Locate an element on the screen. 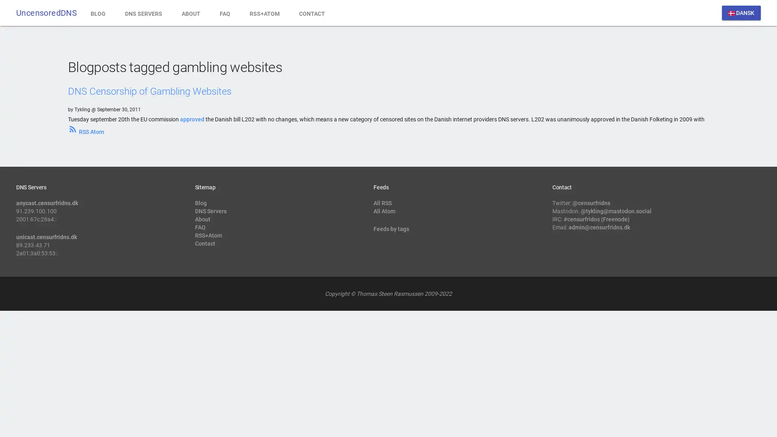 The image size is (777, 437). dansk DANSK is located at coordinates (741, 13).